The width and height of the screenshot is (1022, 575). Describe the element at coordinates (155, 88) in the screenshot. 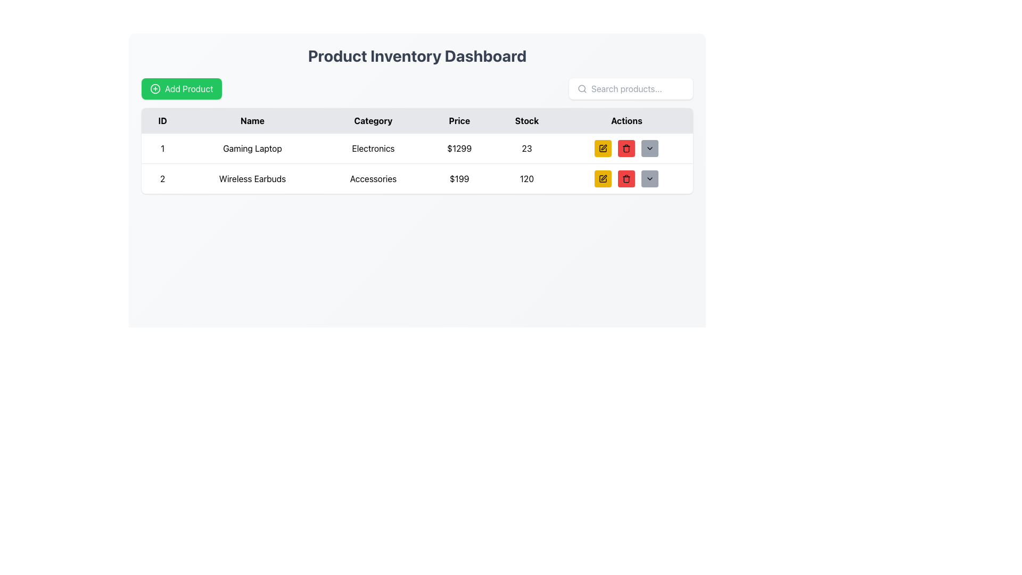

I see `the circular icon with a plus symbol in the center` at that location.